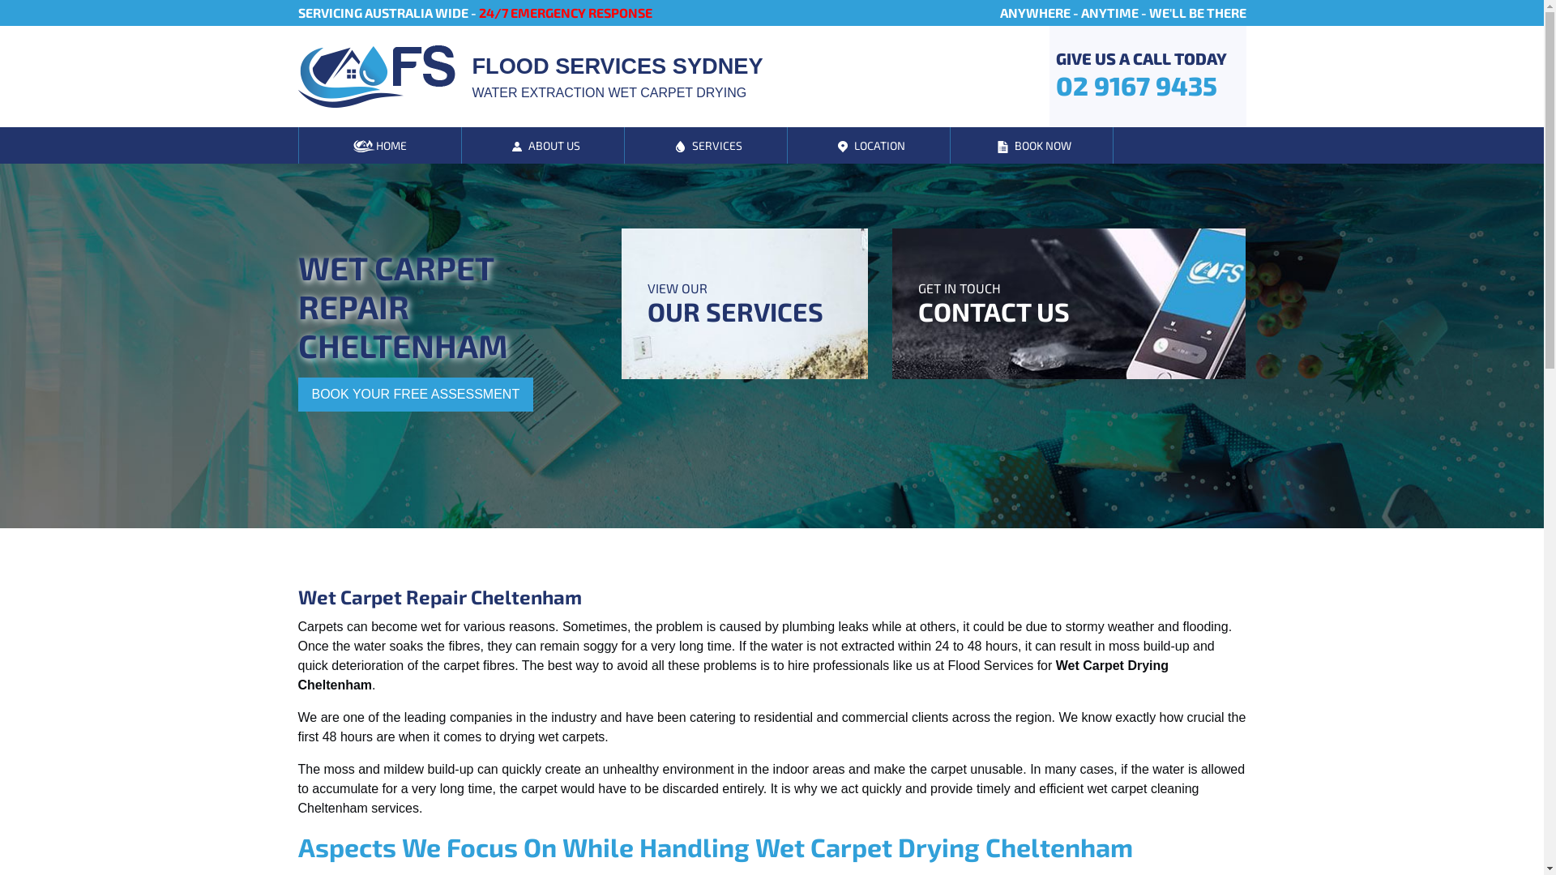 This screenshot has height=875, width=1556. Describe the element at coordinates (416, 394) in the screenshot. I see `'BOOK YOUR FREE ASSESSMENT'` at that location.